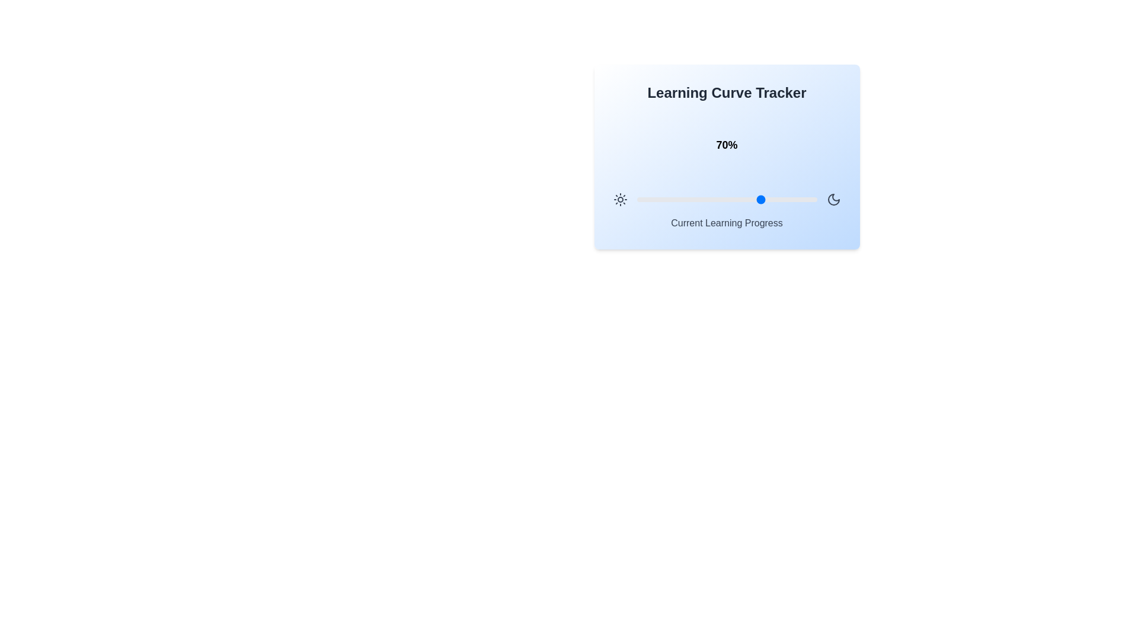  I want to click on the center of the circular progress indicator to inspect it, so click(726, 145).